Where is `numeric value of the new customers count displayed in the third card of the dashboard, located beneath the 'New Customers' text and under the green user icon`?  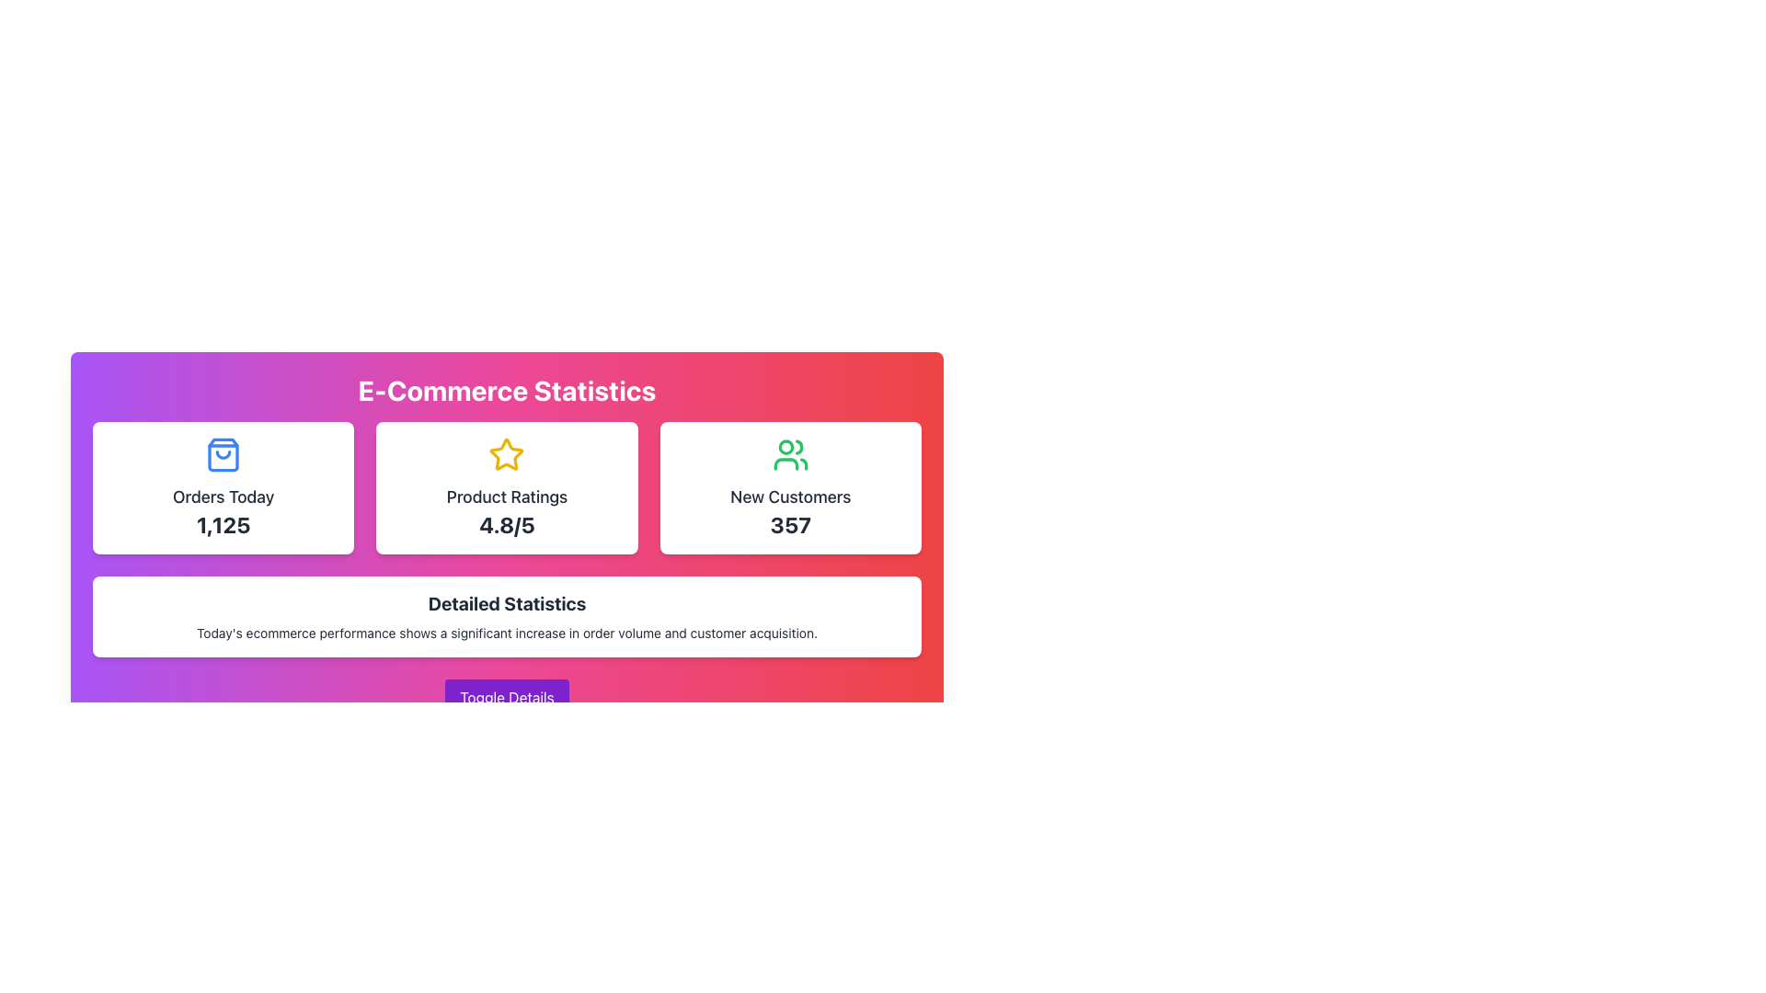 numeric value of the new customers count displayed in the third card of the dashboard, located beneath the 'New Customers' text and under the green user icon is located at coordinates (790, 524).